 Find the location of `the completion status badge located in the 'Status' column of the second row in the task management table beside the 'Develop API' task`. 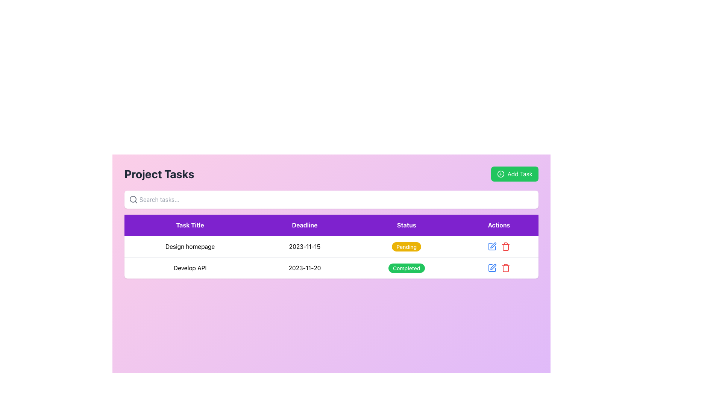

the completion status badge located in the 'Status' column of the second row in the task management table beside the 'Develop API' task is located at coordinates (406, 268).